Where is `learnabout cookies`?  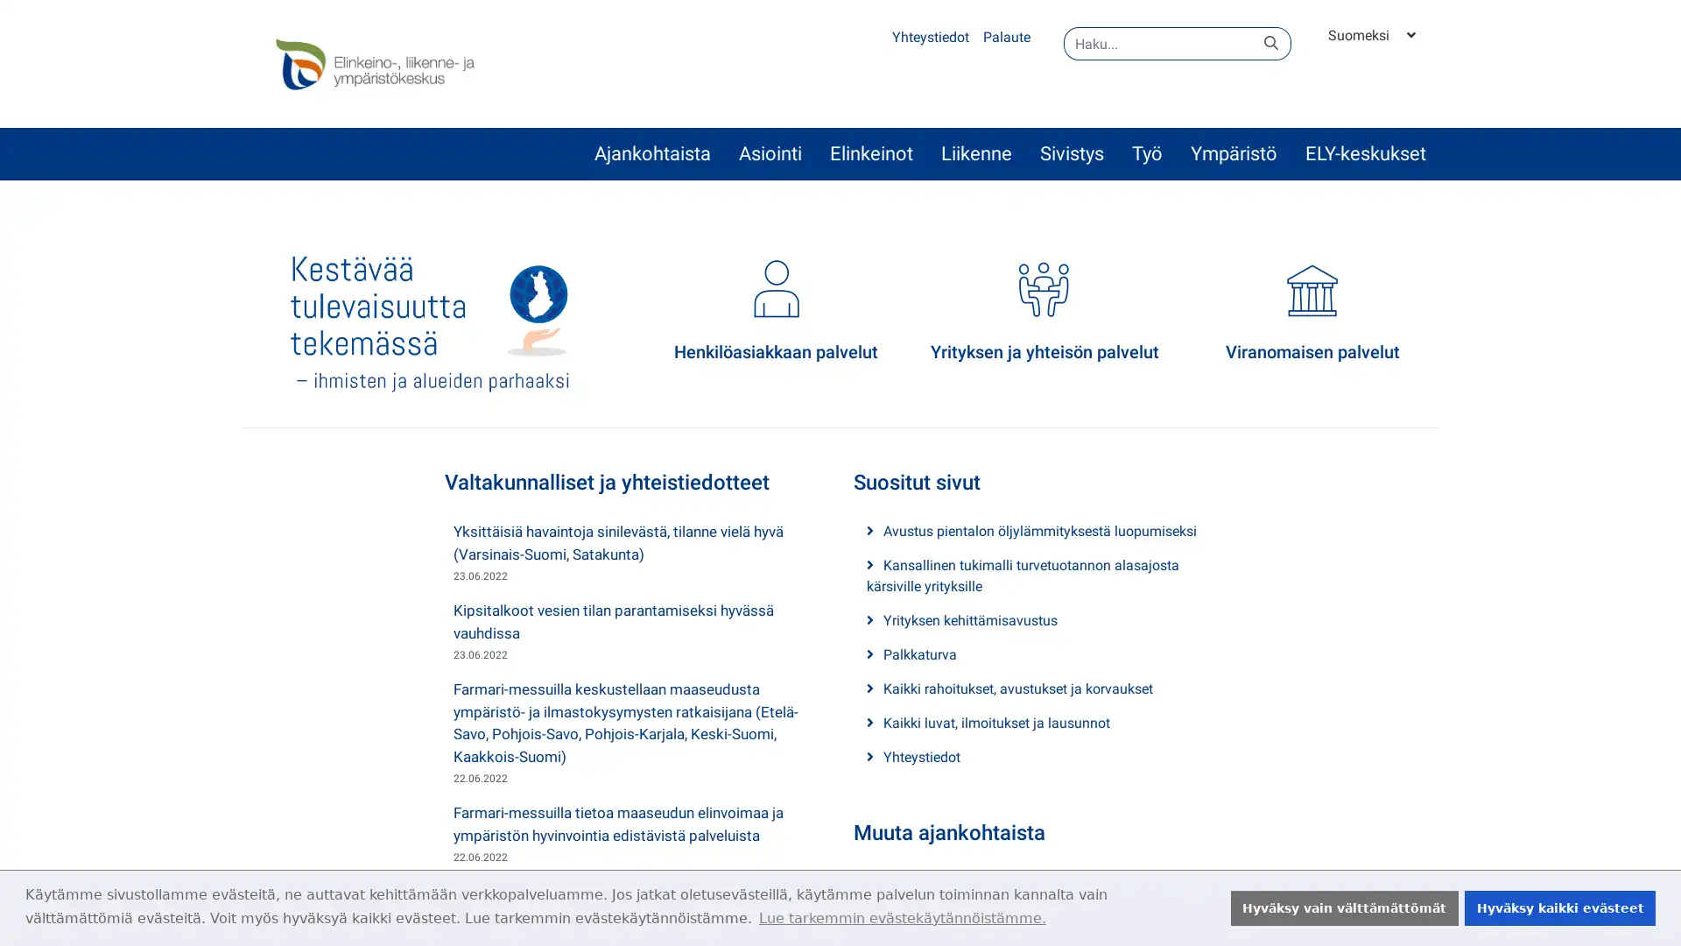 learnabout cookies is located at coordinates (902, 917).